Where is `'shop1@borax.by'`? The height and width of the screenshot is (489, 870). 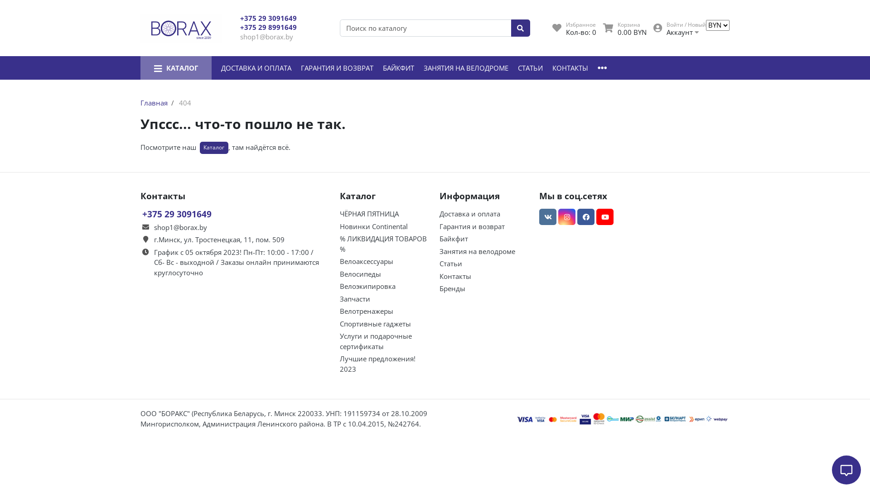
'shop1@borax.by' is located at coordinates (180, 226).